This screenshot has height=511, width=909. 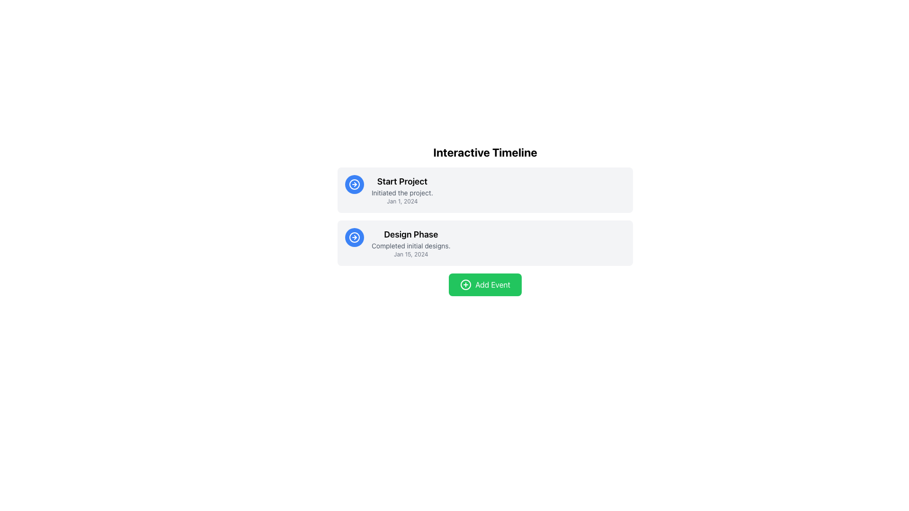 I want to click on the graphical arrow in the Timeline section of the Interactive Timeline, which contains events labeled 'Start Project' and 'Design Phase', so click(x=485, y=217).